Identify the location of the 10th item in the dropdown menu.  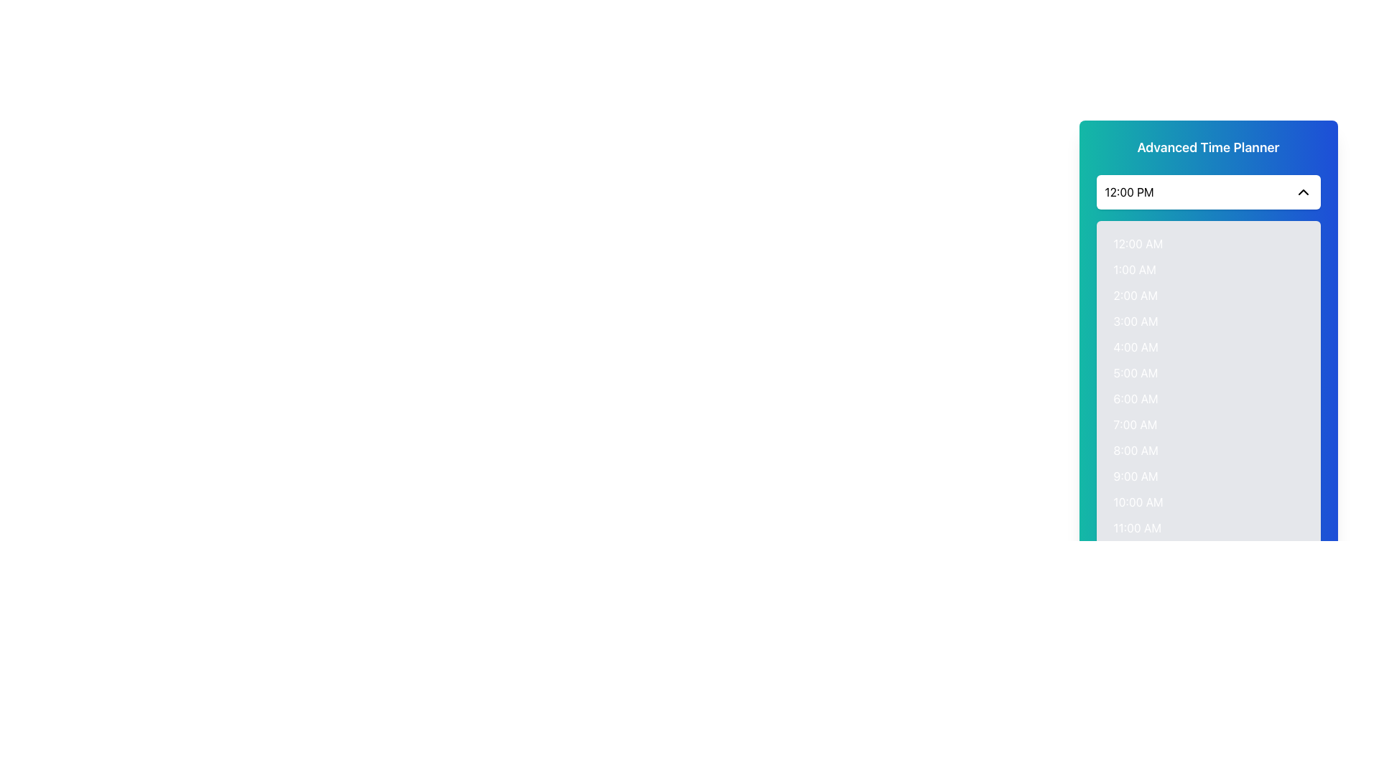
(1207, 476).